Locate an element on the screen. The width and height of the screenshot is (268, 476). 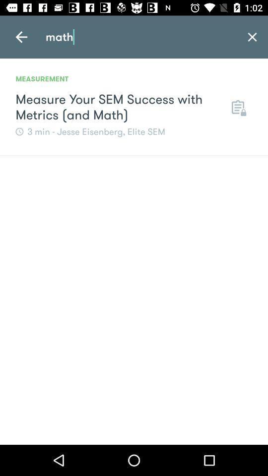
item below the math is located at coordinates (237, 107).